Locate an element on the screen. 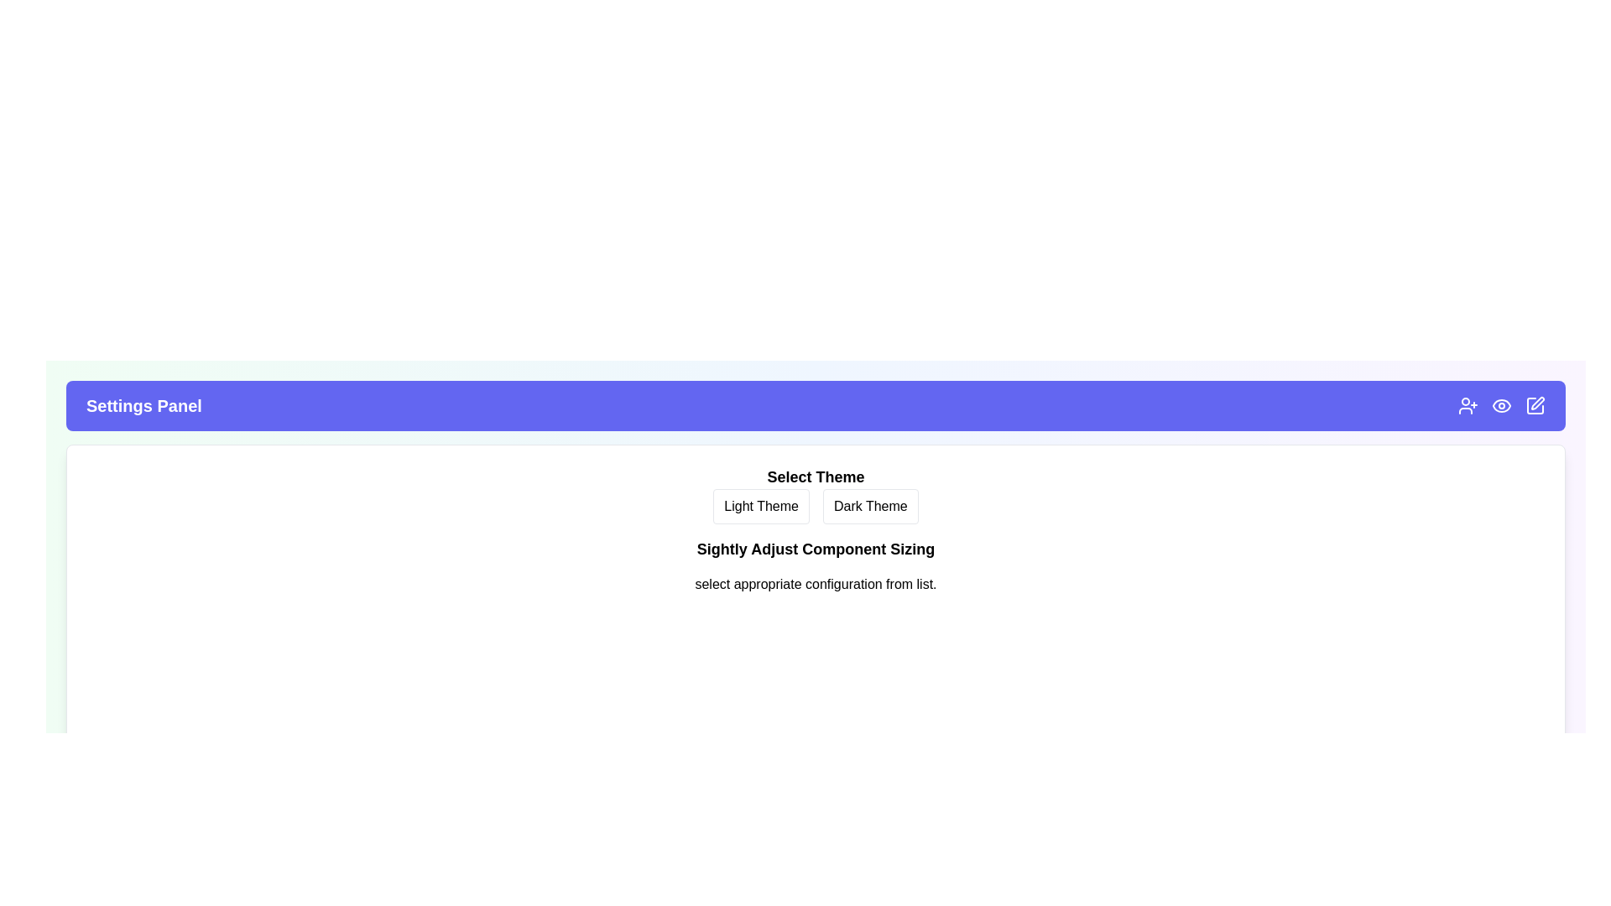 Image resolution: width=1611 pixels, height=906 pixels. the human eye icon, which is the second icon in a horizontal group of three icons located on the right side of a header section with a purple background is located at coordinates (1502, 405).